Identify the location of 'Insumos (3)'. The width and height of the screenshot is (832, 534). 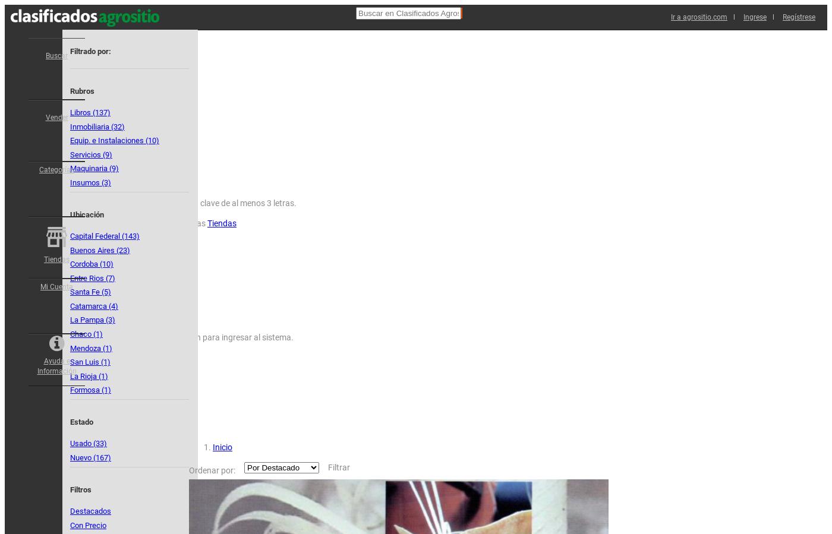
(90, 181).